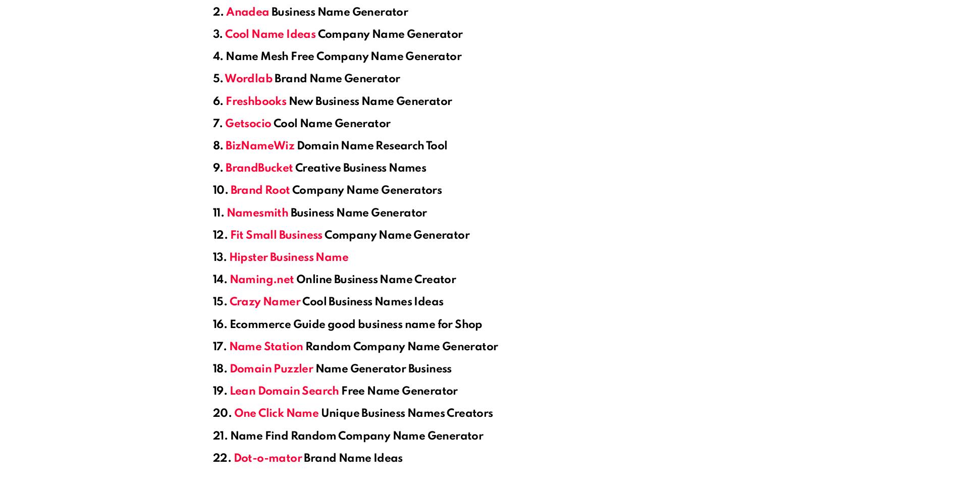 The height and width of the screenshot is (489, 959). What do you see at coordinates (218, 34) in the screenshot?
I see `'3.'` at bounding box center [218, 34].